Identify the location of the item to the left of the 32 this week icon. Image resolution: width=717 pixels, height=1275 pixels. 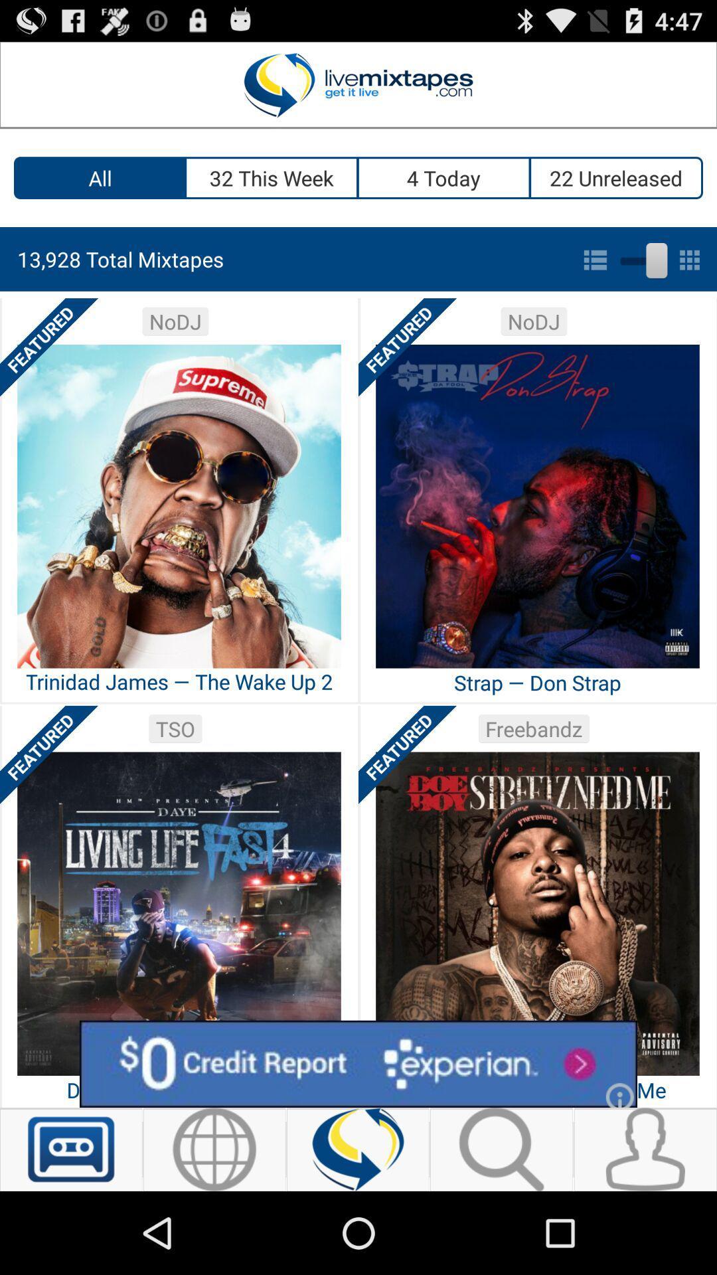
(99, 177).